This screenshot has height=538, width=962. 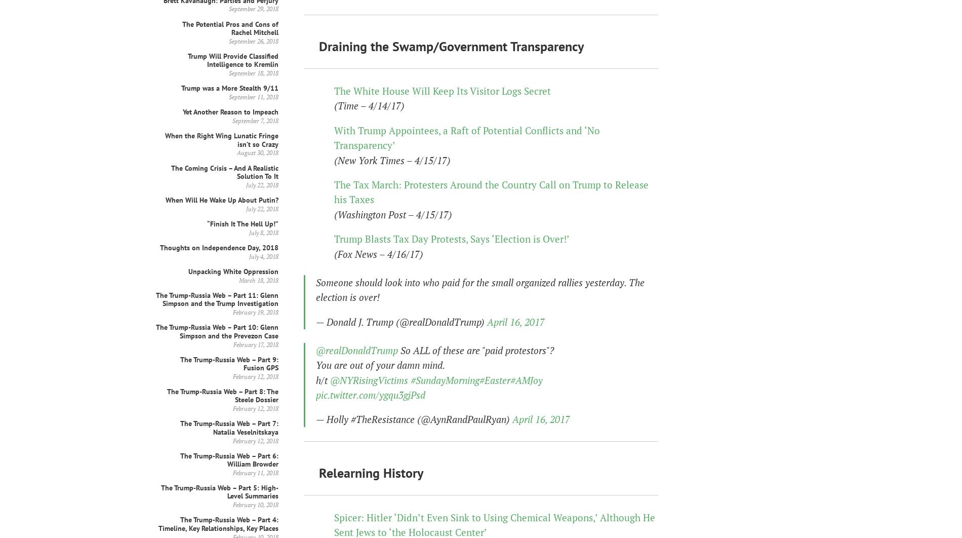 What do you see at coordinates (228, 73) in the screenshot?
I see `'September 18, 2018'` at bounding box center [228, 73].